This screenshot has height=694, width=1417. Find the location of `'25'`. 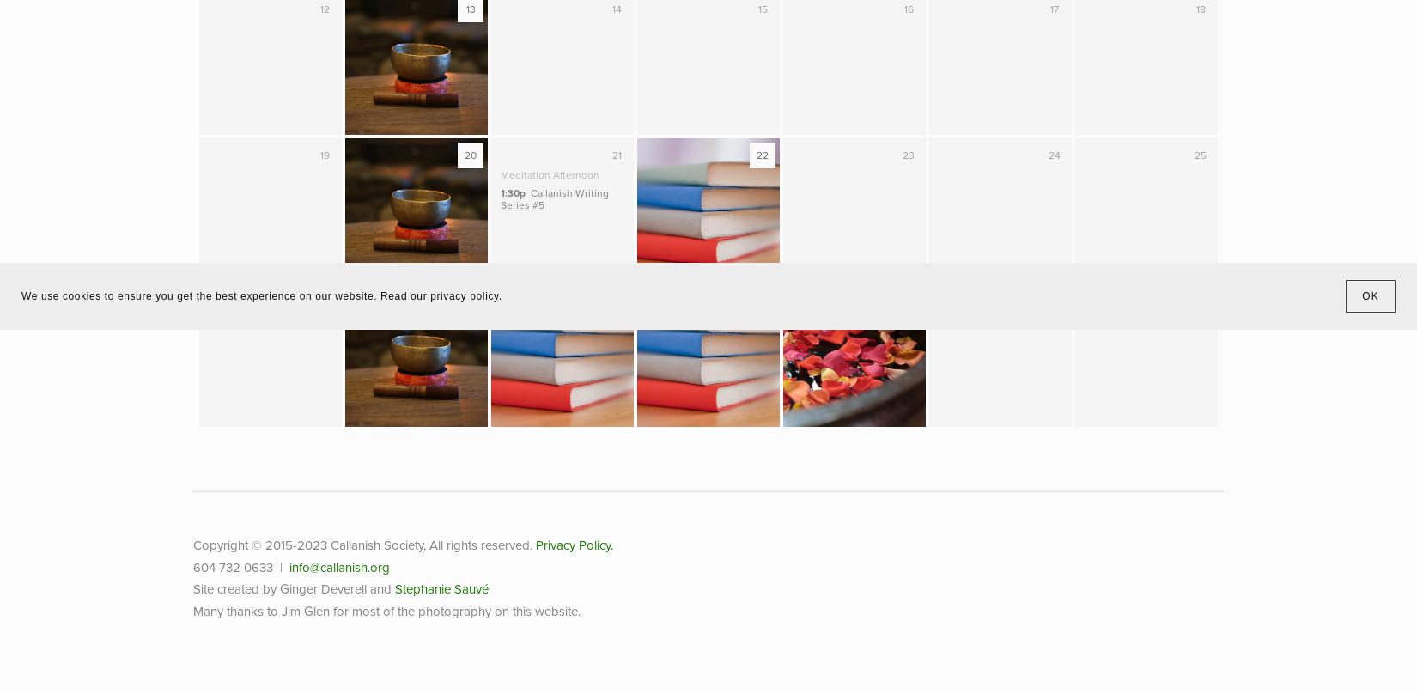

'25' is located at coordinates (1200, 154).